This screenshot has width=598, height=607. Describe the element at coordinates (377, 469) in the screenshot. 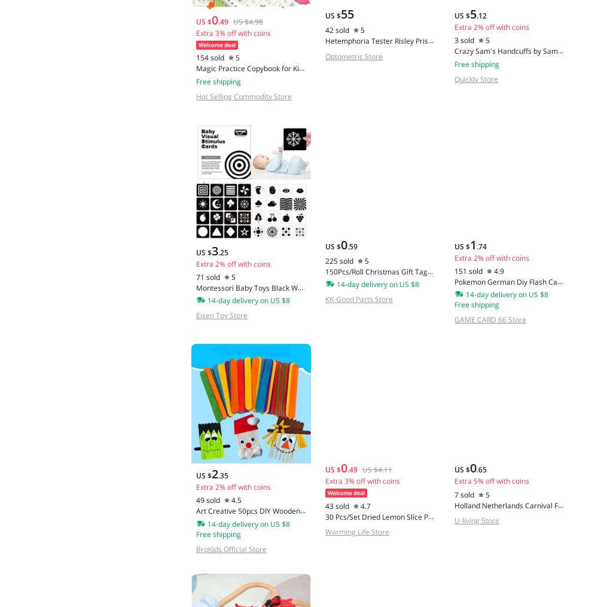

I see `'US $4.11'` at that location.